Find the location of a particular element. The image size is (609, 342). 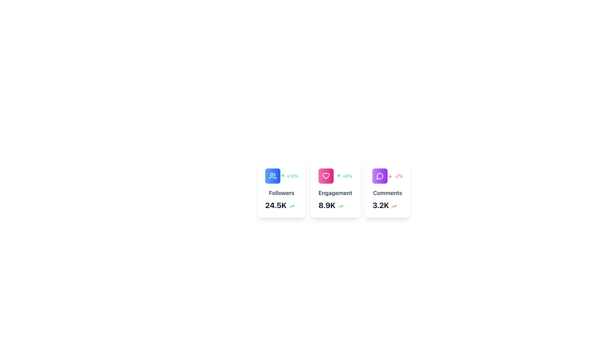

the static text label that indicates the percentage value for the 'Followers' growth metric, located to the right of an arrow icon in the leftmost card of the displayed metrics is located at coordinates (292, 176).